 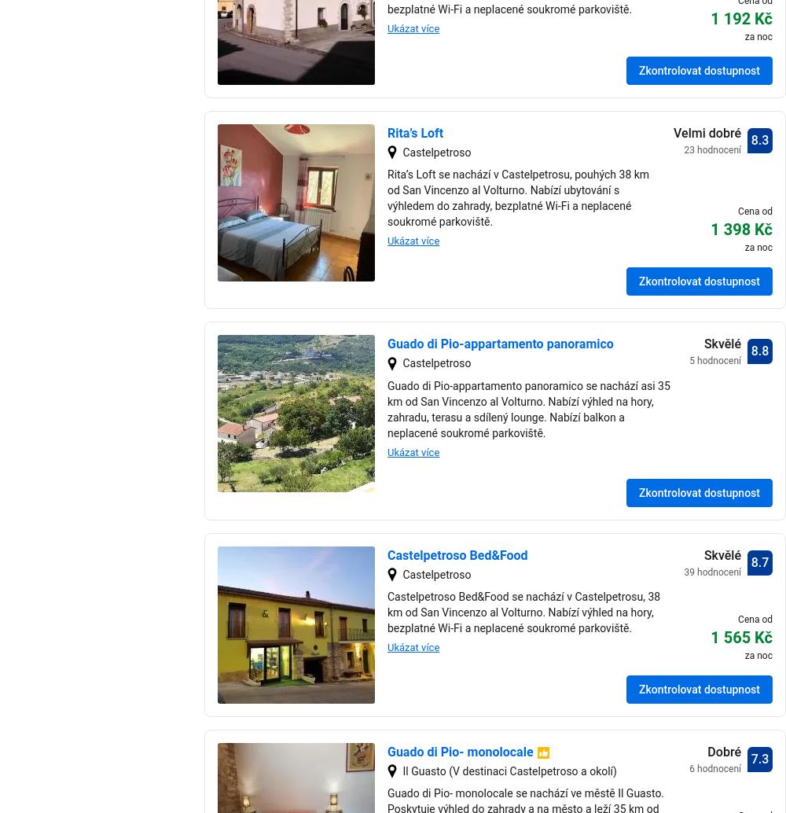 What do you see at coordinates (758, 350) in the screenshot?
I see `'8.8'` at bounding box center [758, 350].